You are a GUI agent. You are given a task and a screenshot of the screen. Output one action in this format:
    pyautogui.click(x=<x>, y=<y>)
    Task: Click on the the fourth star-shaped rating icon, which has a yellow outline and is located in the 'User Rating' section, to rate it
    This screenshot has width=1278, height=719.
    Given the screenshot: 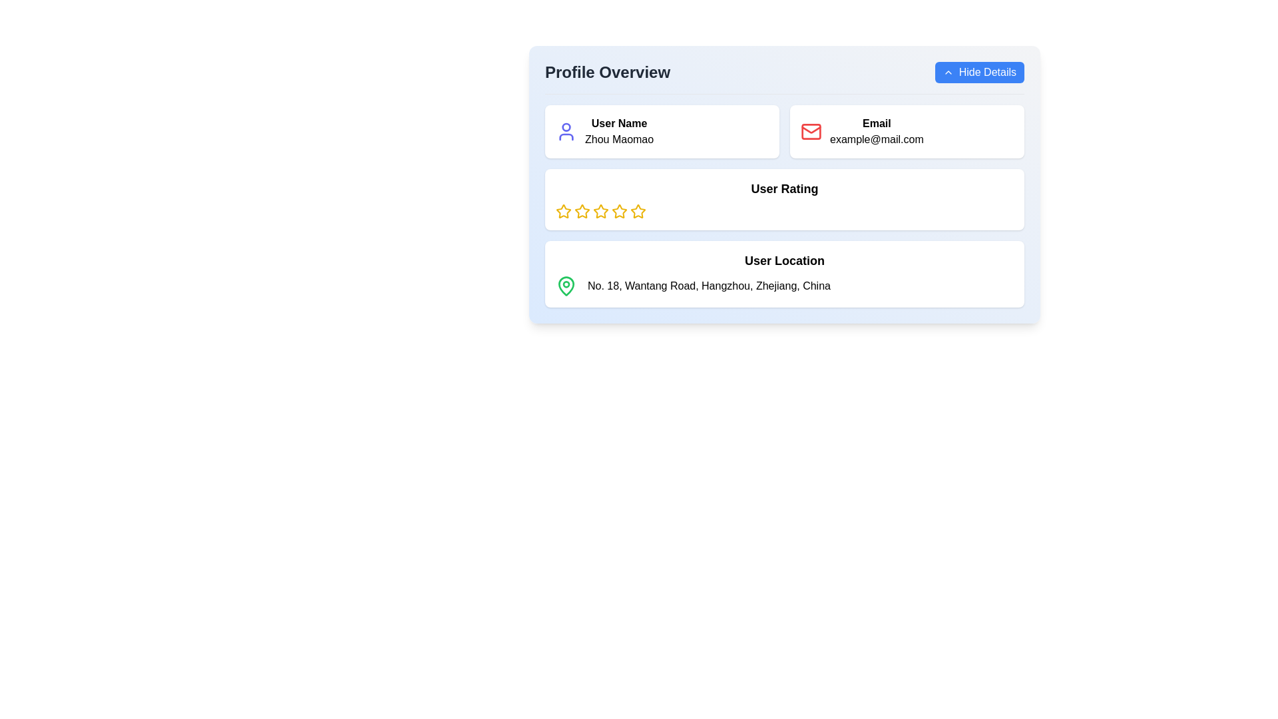 What is the action you would take?
    pyautogui.click(x=600, y=210)
    